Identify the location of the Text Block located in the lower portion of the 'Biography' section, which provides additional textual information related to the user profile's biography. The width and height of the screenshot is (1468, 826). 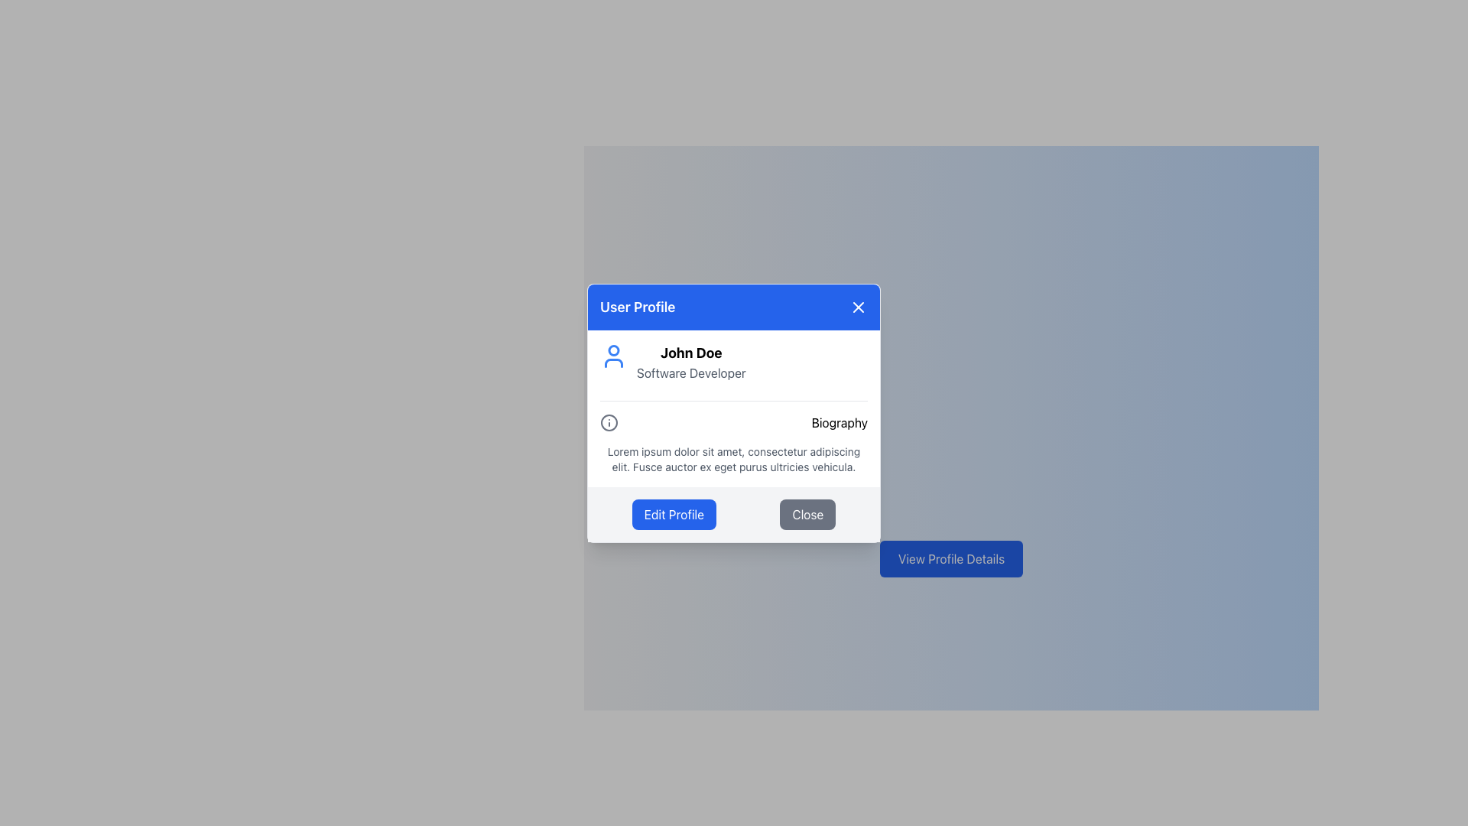
(734, 458).